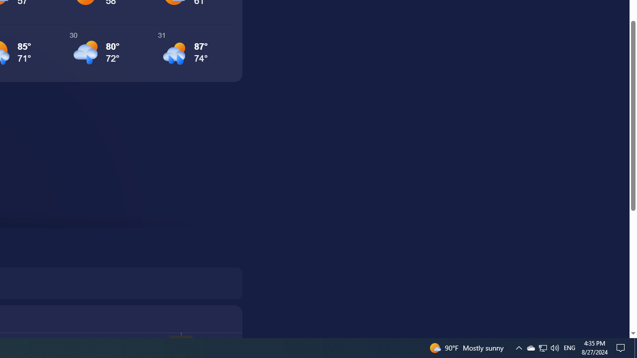 The height and width of the screenshot is (358, 637). I want to click on 'Q2790: 100%', so click(530, 347).